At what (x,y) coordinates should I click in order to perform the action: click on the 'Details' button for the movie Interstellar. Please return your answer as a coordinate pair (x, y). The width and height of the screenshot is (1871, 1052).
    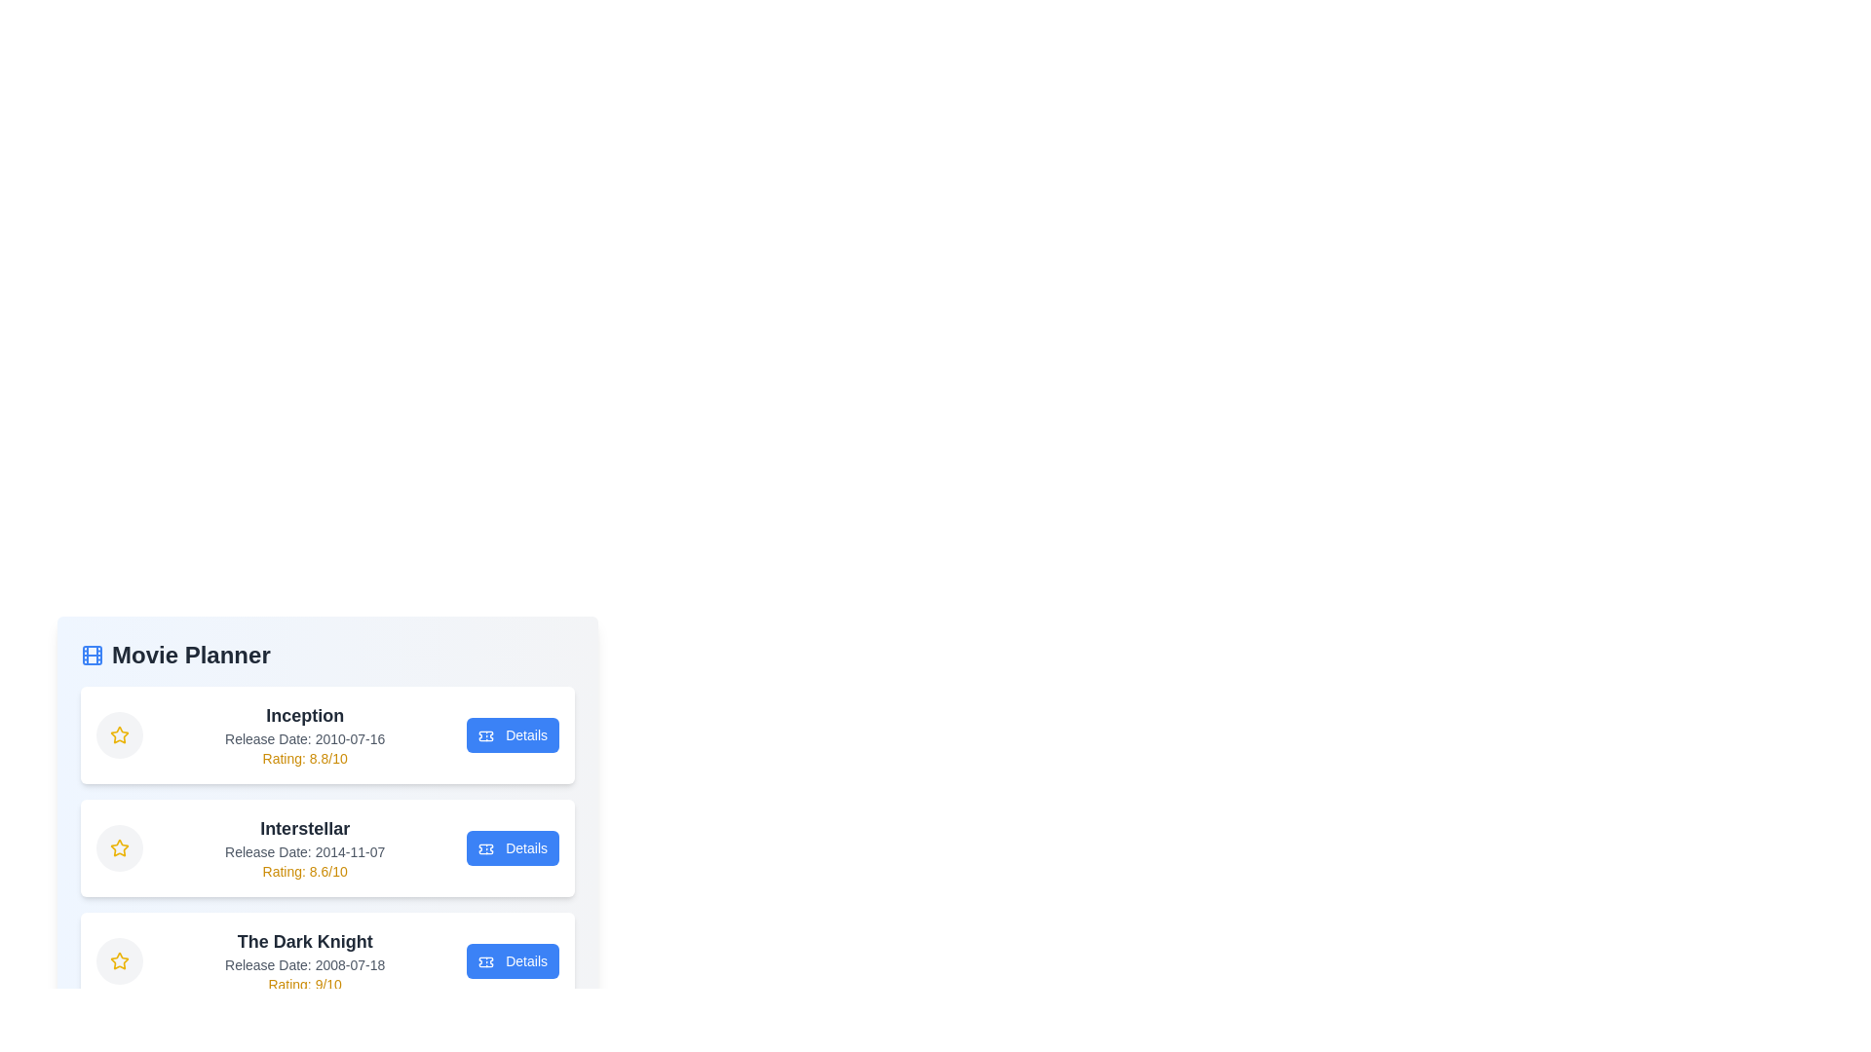
    Looking at the image, I should click on (513, 847).